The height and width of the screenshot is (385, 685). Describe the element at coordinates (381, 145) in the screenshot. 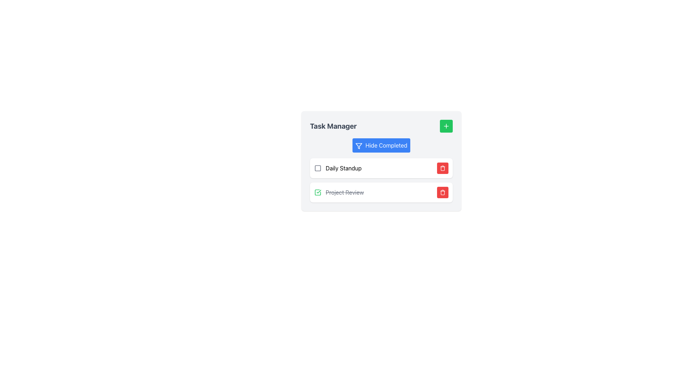

I see `the button used to toggle the visibility of completed tasks in the task list, located to the left of the green '+' button` at that location.